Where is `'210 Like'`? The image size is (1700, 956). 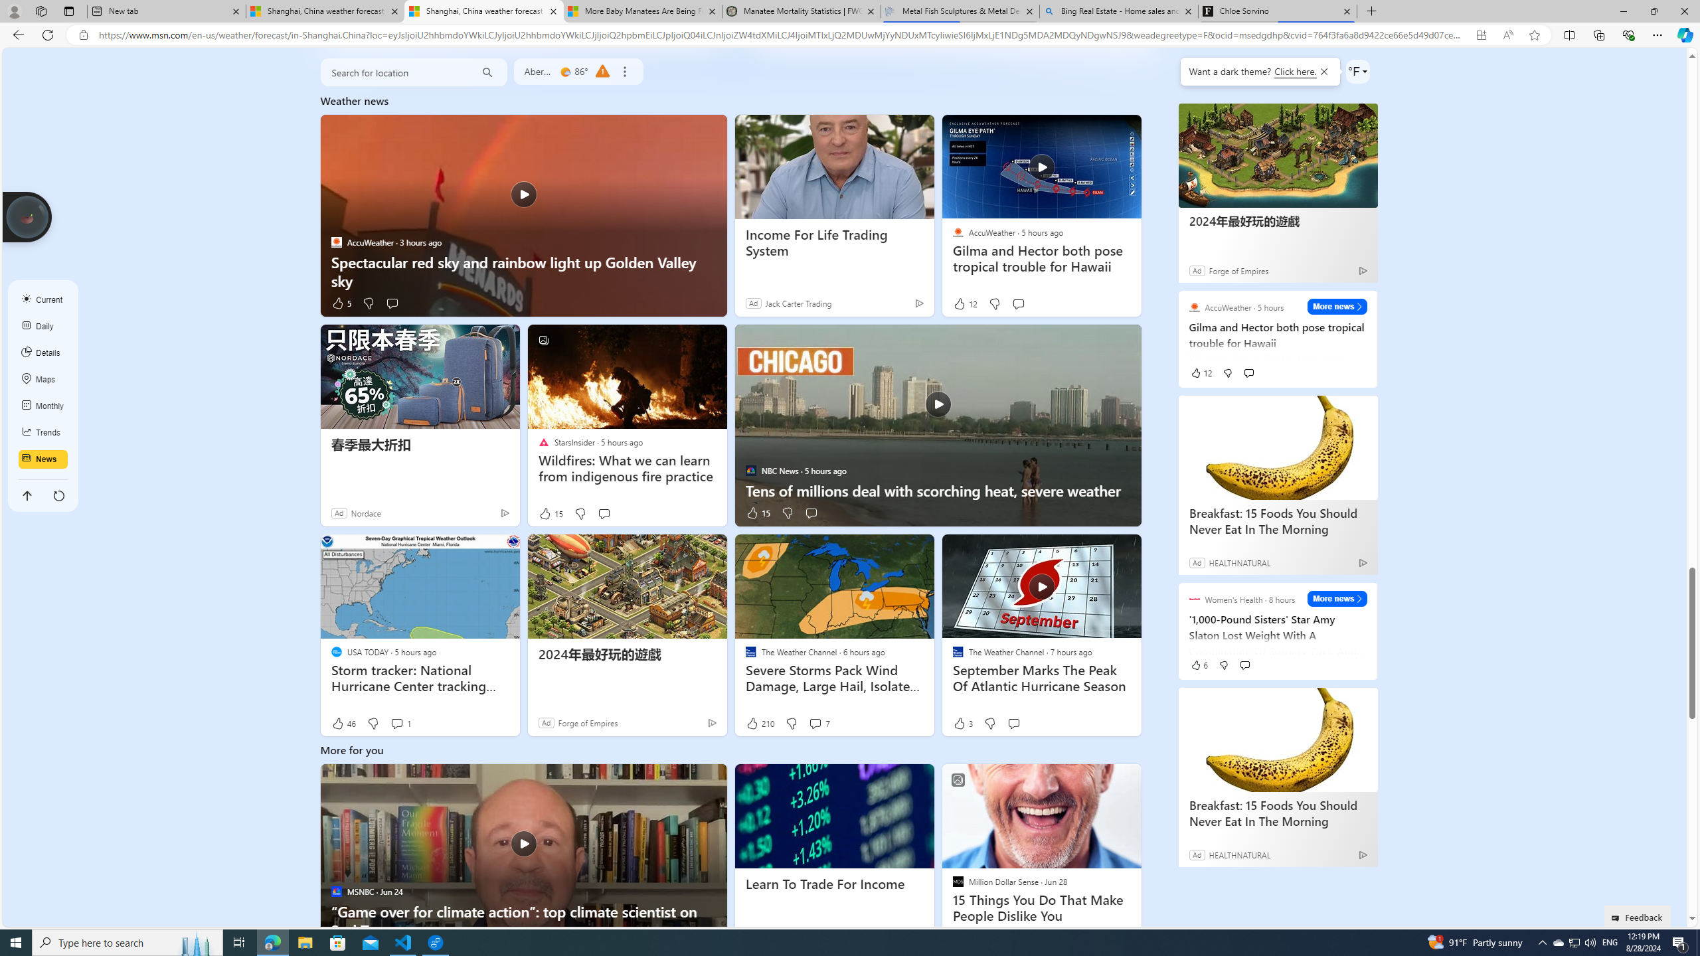 '210 Like' is located at coordinates (760, 723).